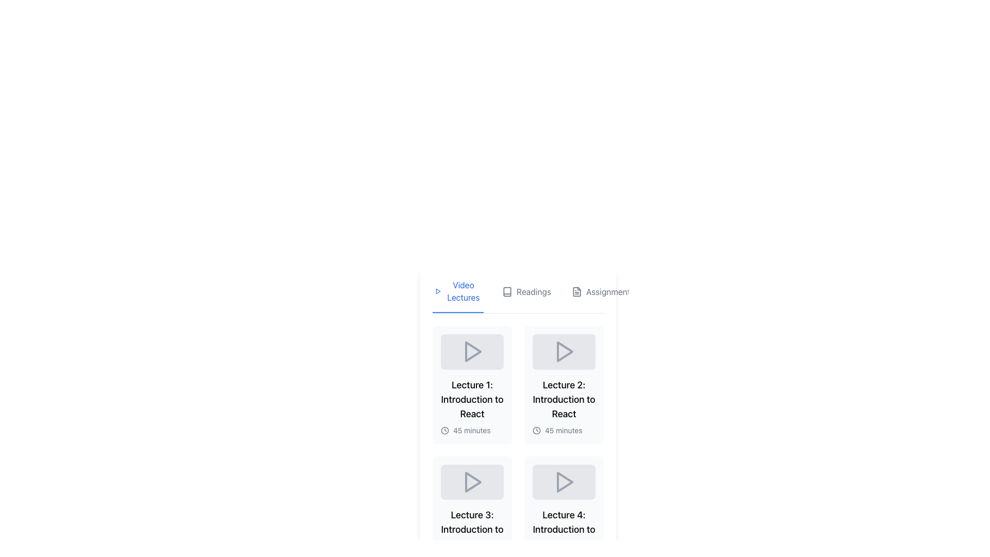 The image size is (990, 557). What do you see at coordinates (507, 292) in the screenshot?
I see `the small book icon representing the 'Readings' section, located between the 'Video Lectures' and 'Assignment' icons in the navigation area` at bounding box center [507, 292].